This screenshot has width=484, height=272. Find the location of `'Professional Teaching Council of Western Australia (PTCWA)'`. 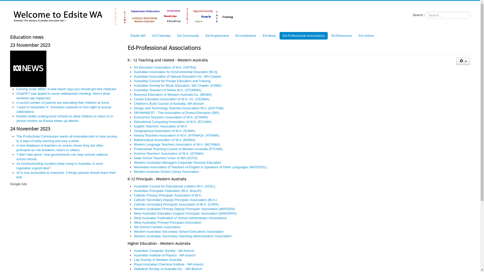

'Professional Teaching Council of Western Australia (PTCWA)' is located at coordinates (178, 149).